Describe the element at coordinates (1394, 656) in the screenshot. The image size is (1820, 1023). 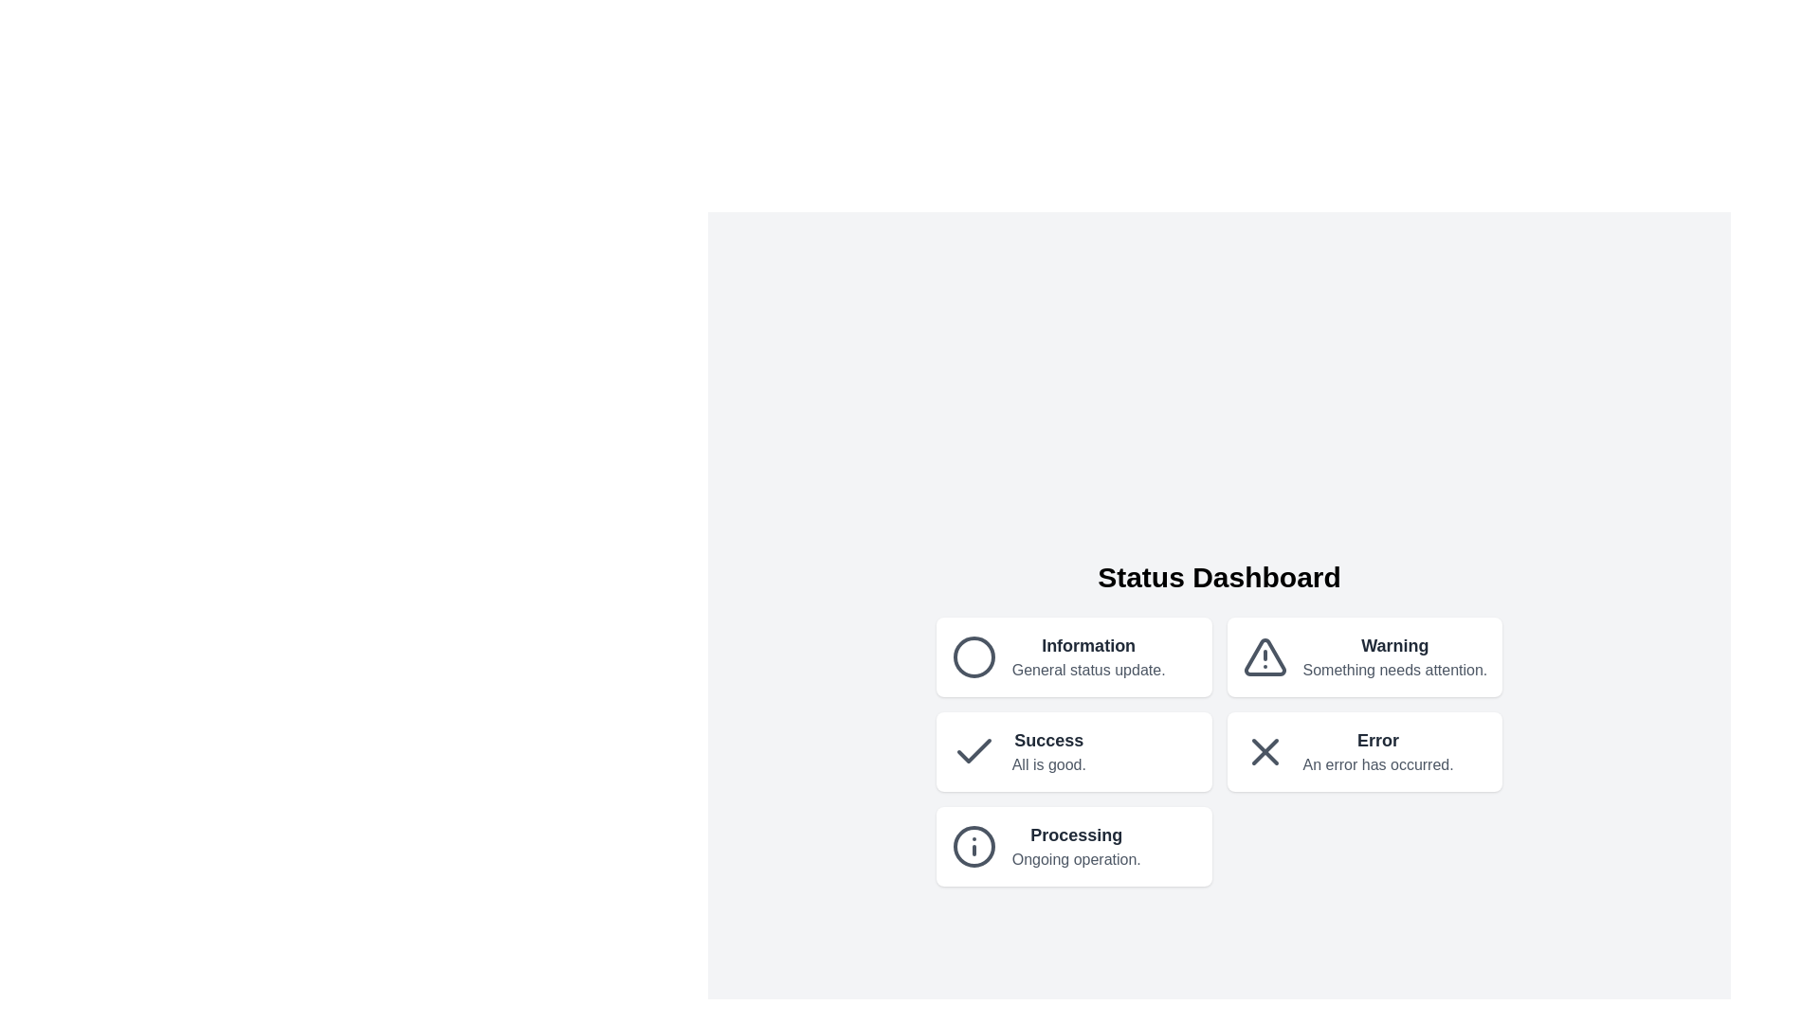
I see `the warning message display component located in the rightmost card of the second row, adjacent to the 'Information' card` at that location.